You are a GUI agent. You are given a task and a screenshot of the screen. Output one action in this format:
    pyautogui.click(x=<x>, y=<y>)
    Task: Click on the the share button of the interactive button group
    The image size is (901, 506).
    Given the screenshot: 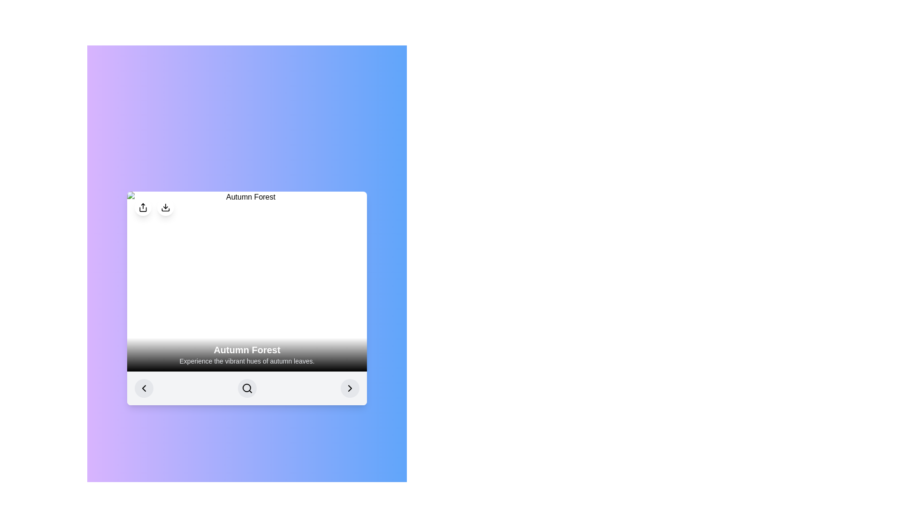 What is the action you would take?
    pyautogui.click(x=154, y=207)
    